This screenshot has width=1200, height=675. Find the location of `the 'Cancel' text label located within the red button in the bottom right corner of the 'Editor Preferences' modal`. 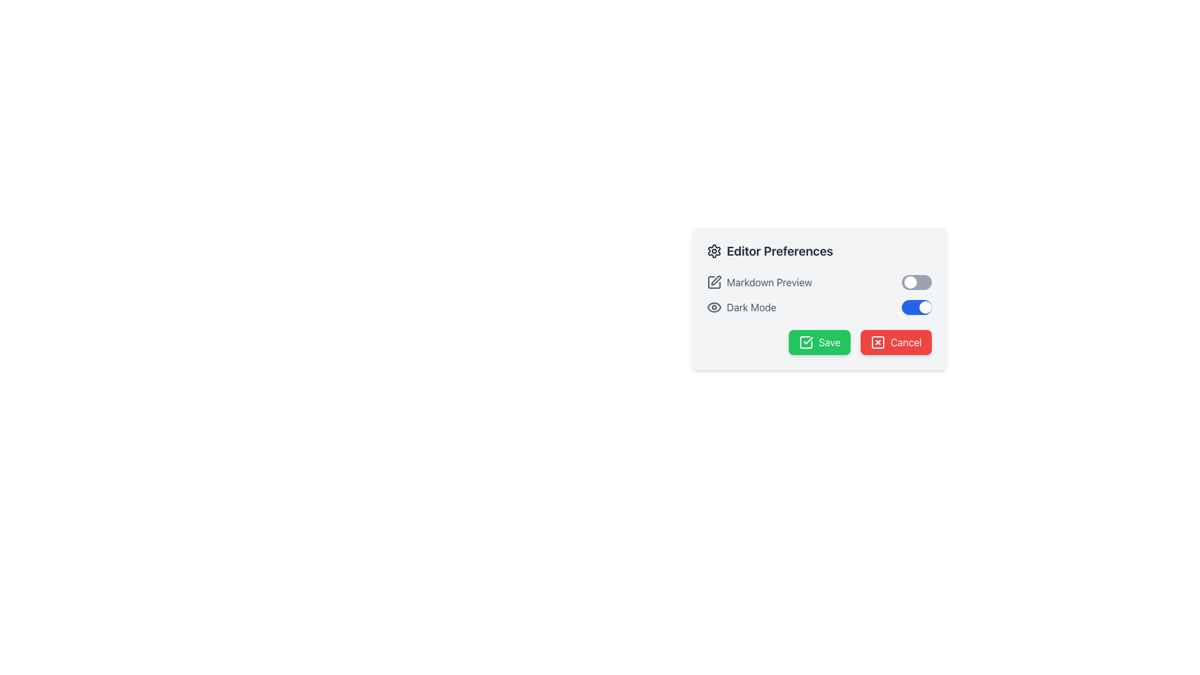

the 'Cancel' text label located within the red button in the bottom right corner of the 'Editor Preferences' modal is located at coordinates (906, 342).